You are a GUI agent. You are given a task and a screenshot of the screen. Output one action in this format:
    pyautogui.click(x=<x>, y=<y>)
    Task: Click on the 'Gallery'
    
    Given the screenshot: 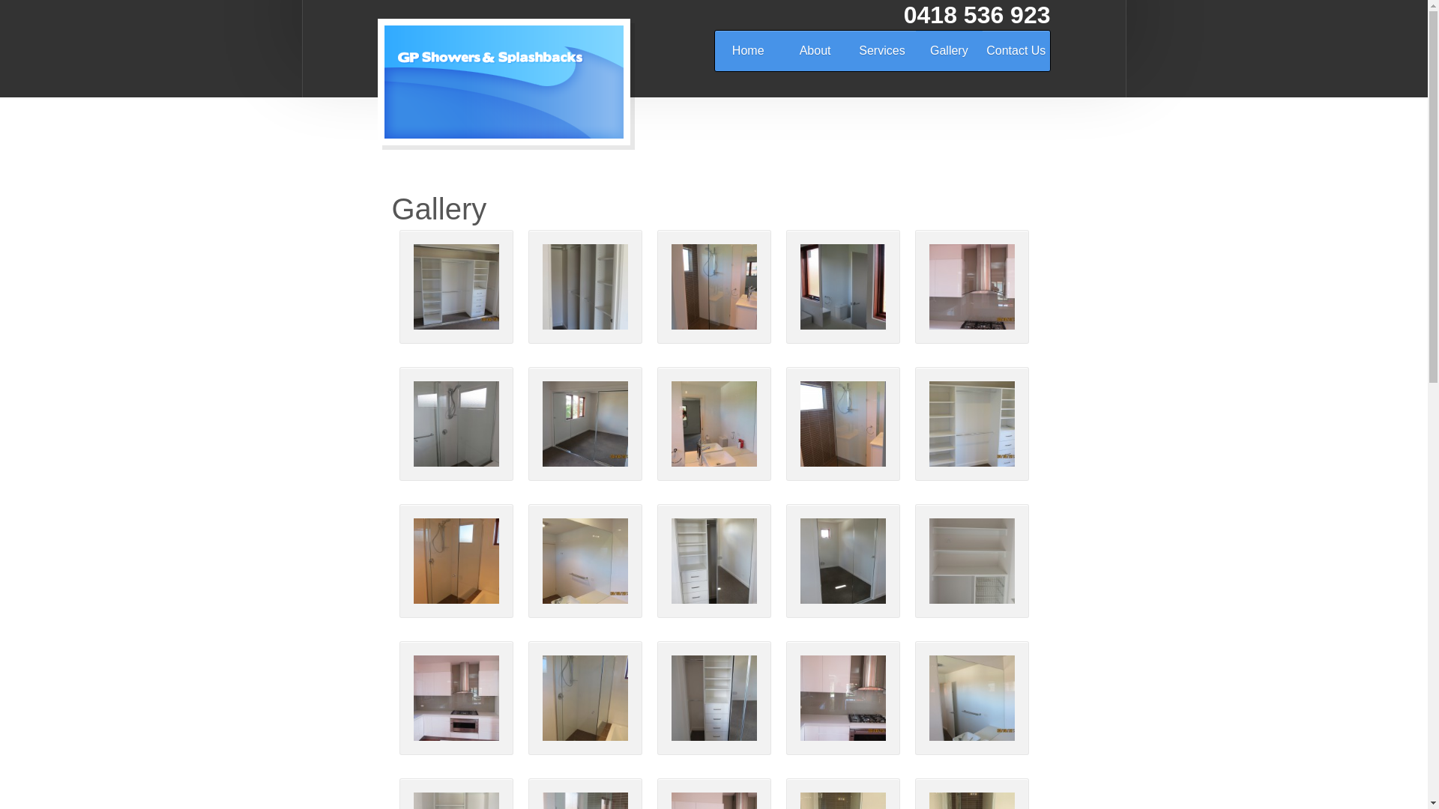 What is the action you would take?
    pyautogui.click(x=948, y=50)
    